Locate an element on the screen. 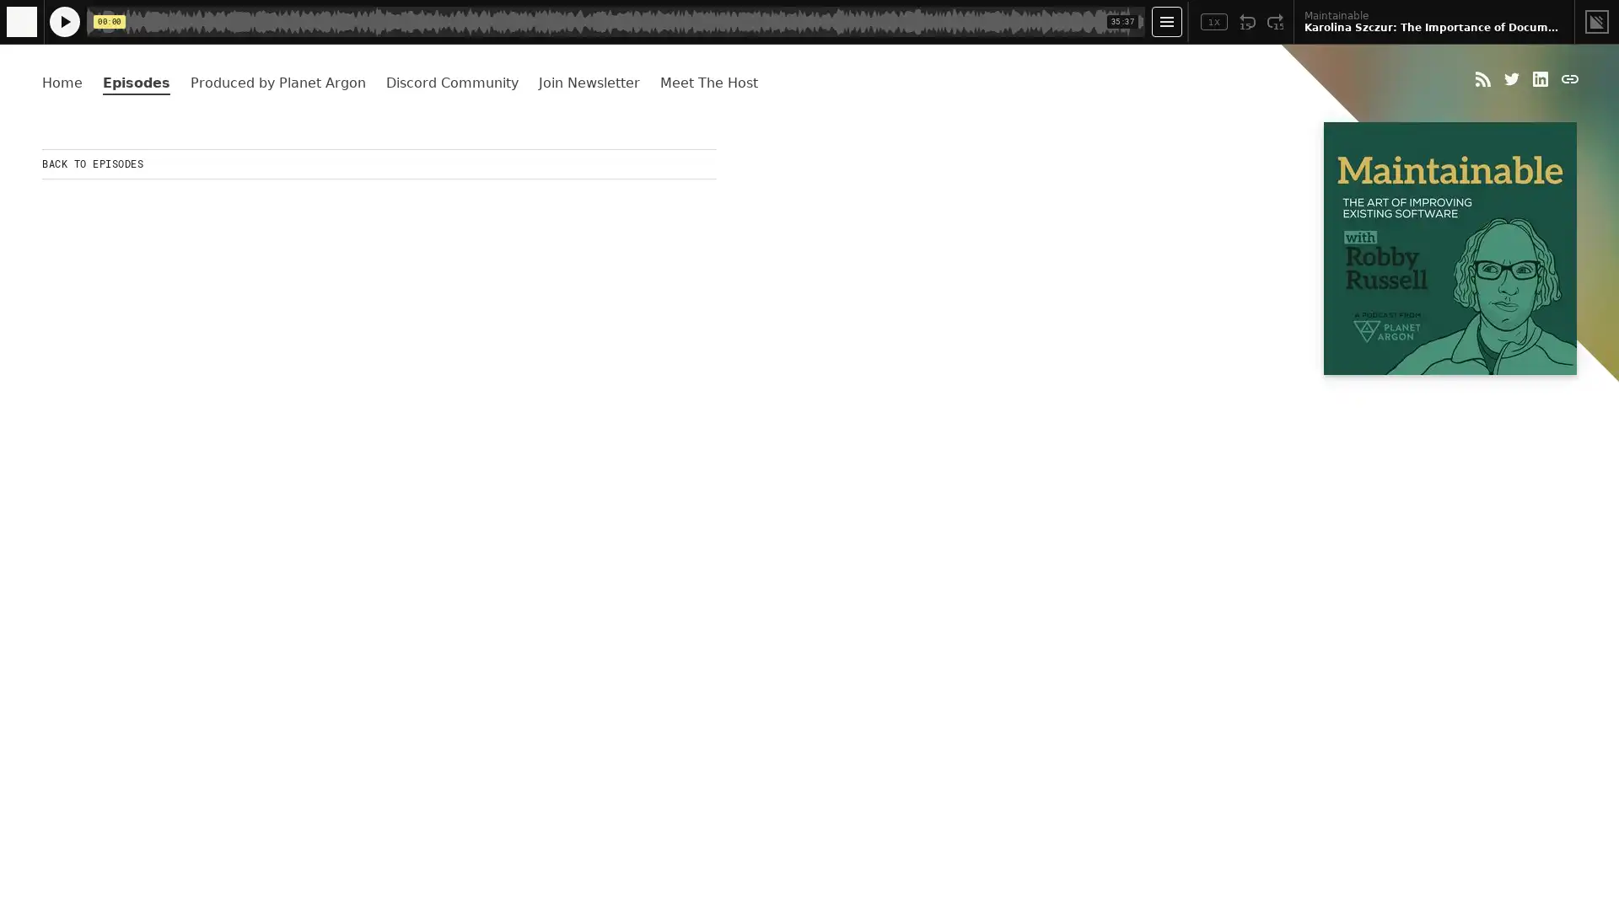  Play is located at coordinates (214, 226).